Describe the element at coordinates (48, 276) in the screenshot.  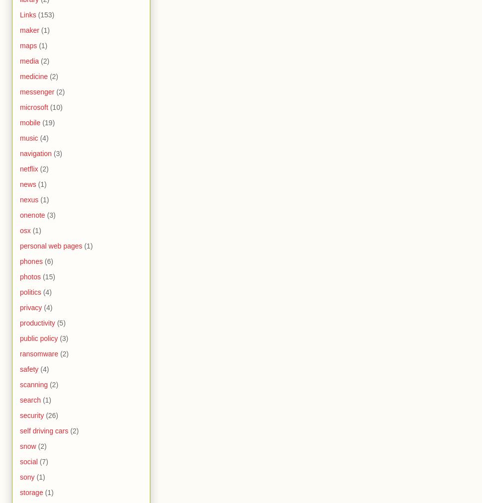
I see `'(15)'` at that location.